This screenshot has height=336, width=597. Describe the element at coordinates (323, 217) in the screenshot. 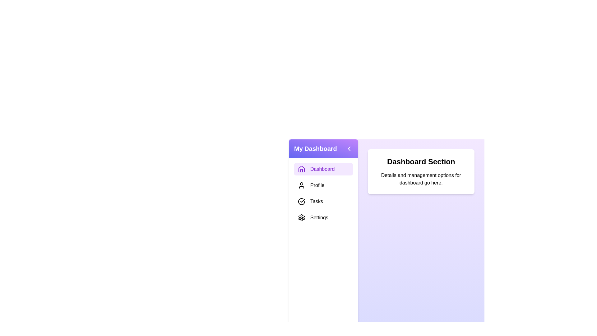

I see `the fourth menu item in the vertical menu` at that location.